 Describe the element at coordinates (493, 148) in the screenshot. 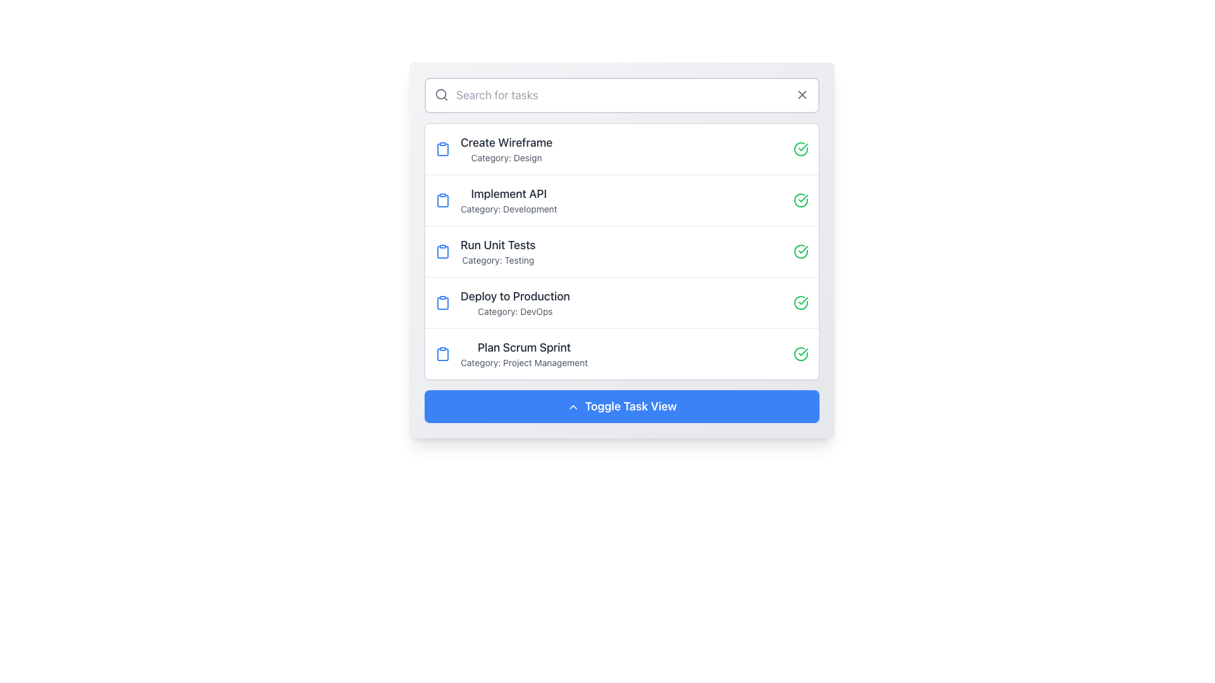

I see `the task item labeled 'Create Wireframe' with the category 'Design', which is the first entry in the vertical task list interface, identifiable by its clipboard icon` at that location.